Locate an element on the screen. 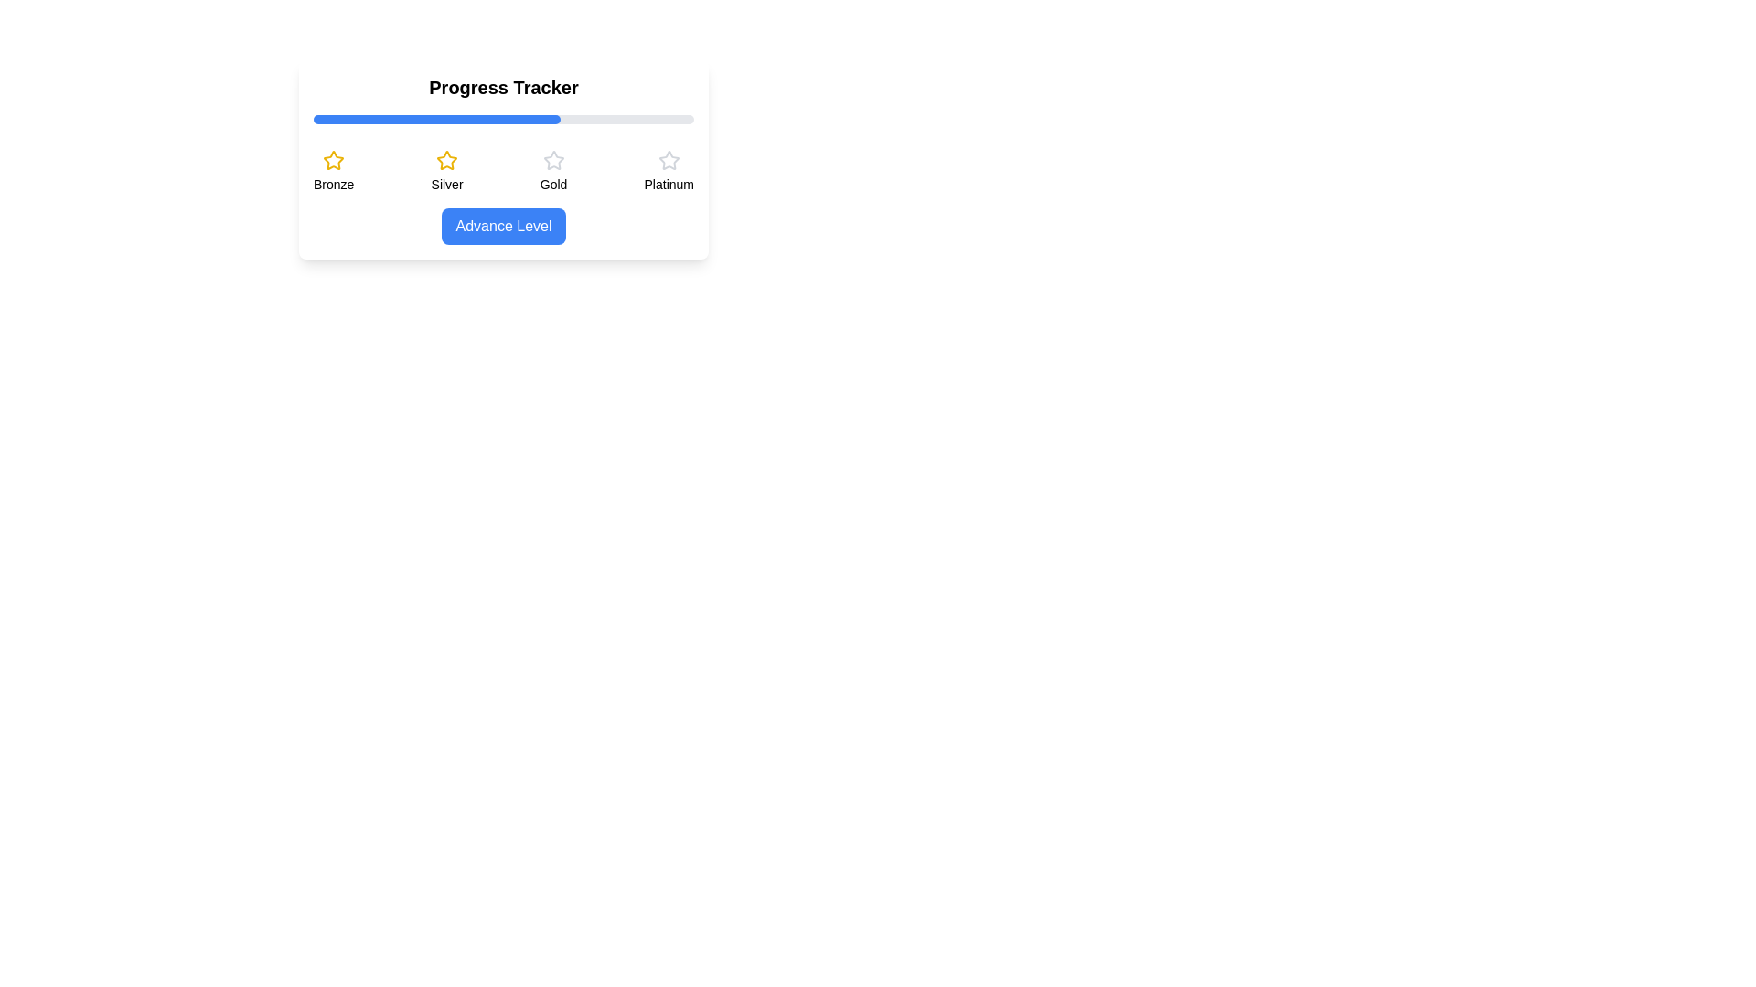 Image resolution: width=1756 pixels, height=987 pixels. the 'Silver' level icon in the progress tracking interface, which is the second icon in a row, located between the 'Bronze' and 'Gold' icons is located at coordinates (447, 160).